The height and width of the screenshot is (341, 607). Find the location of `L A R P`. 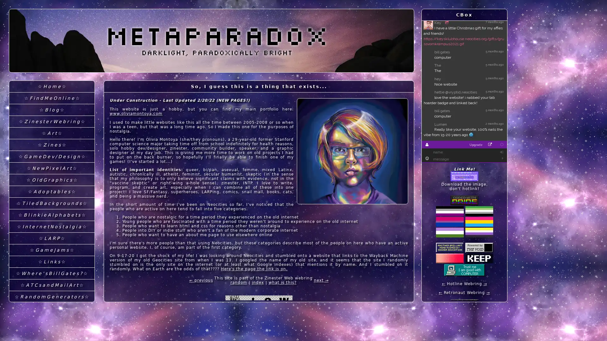

L A R P is located at coordinates (52, 238).